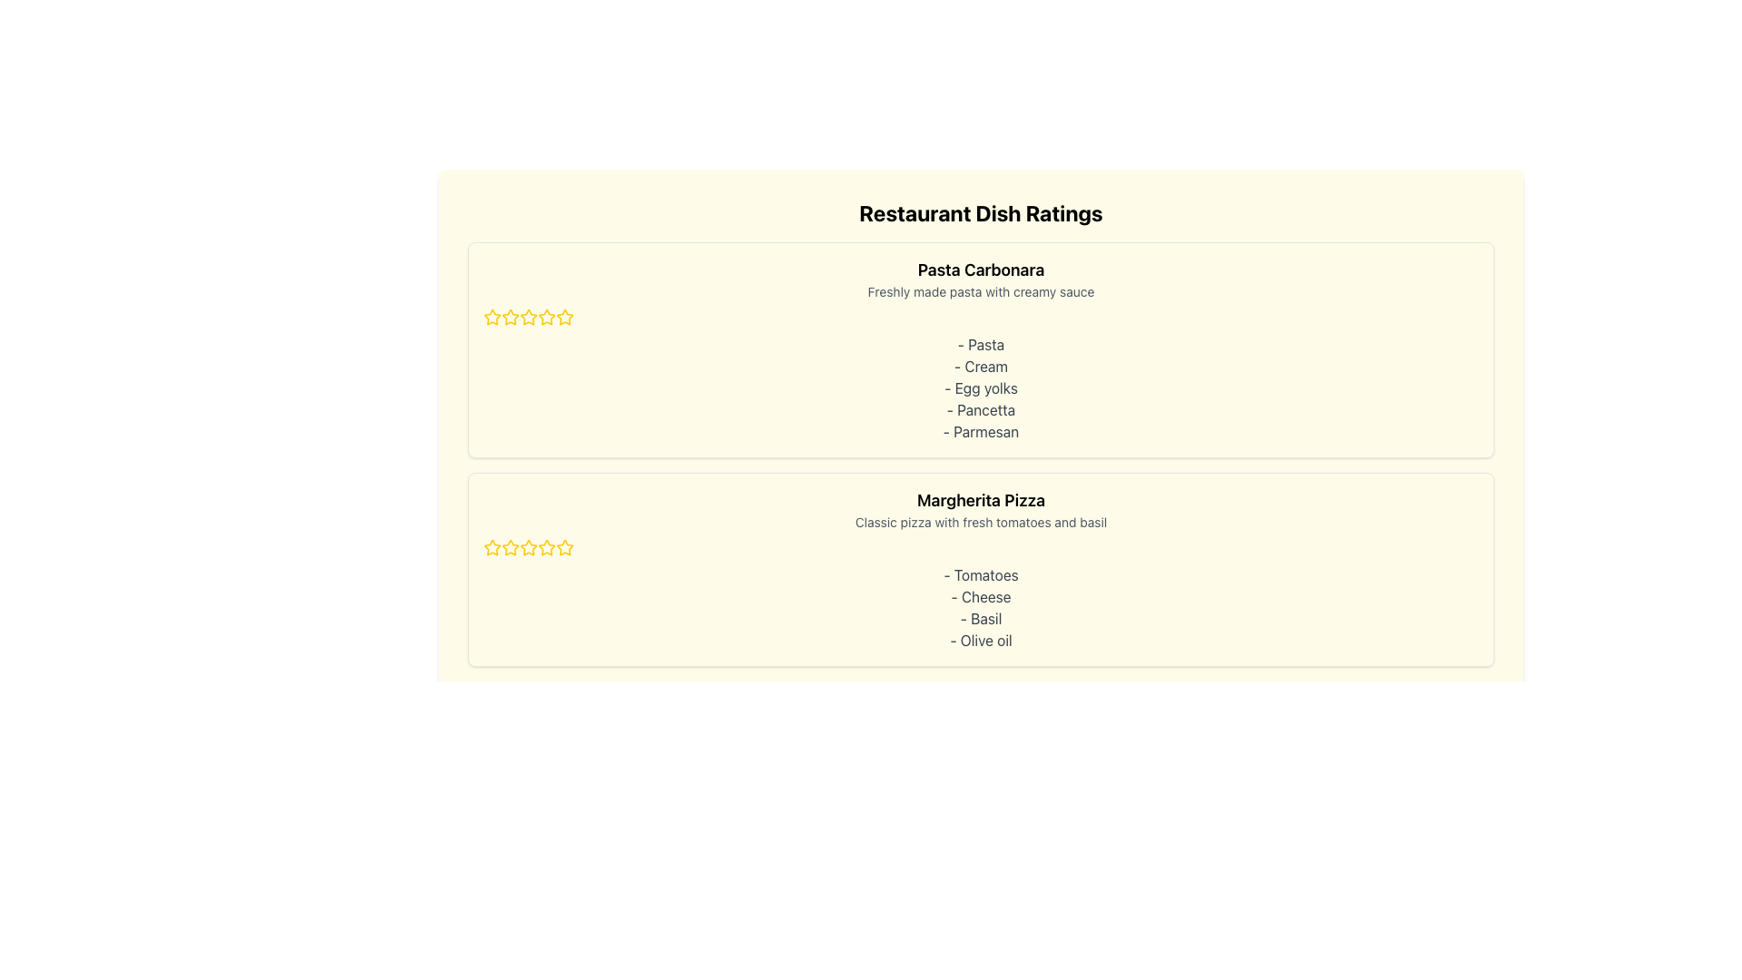  What do you see at coordinates (492, 547) in the screenshot?
I see `the first star in the rating system below the 'Margherita Pizza' section to assign a 1-star rating` at bounding box center [492, 547].